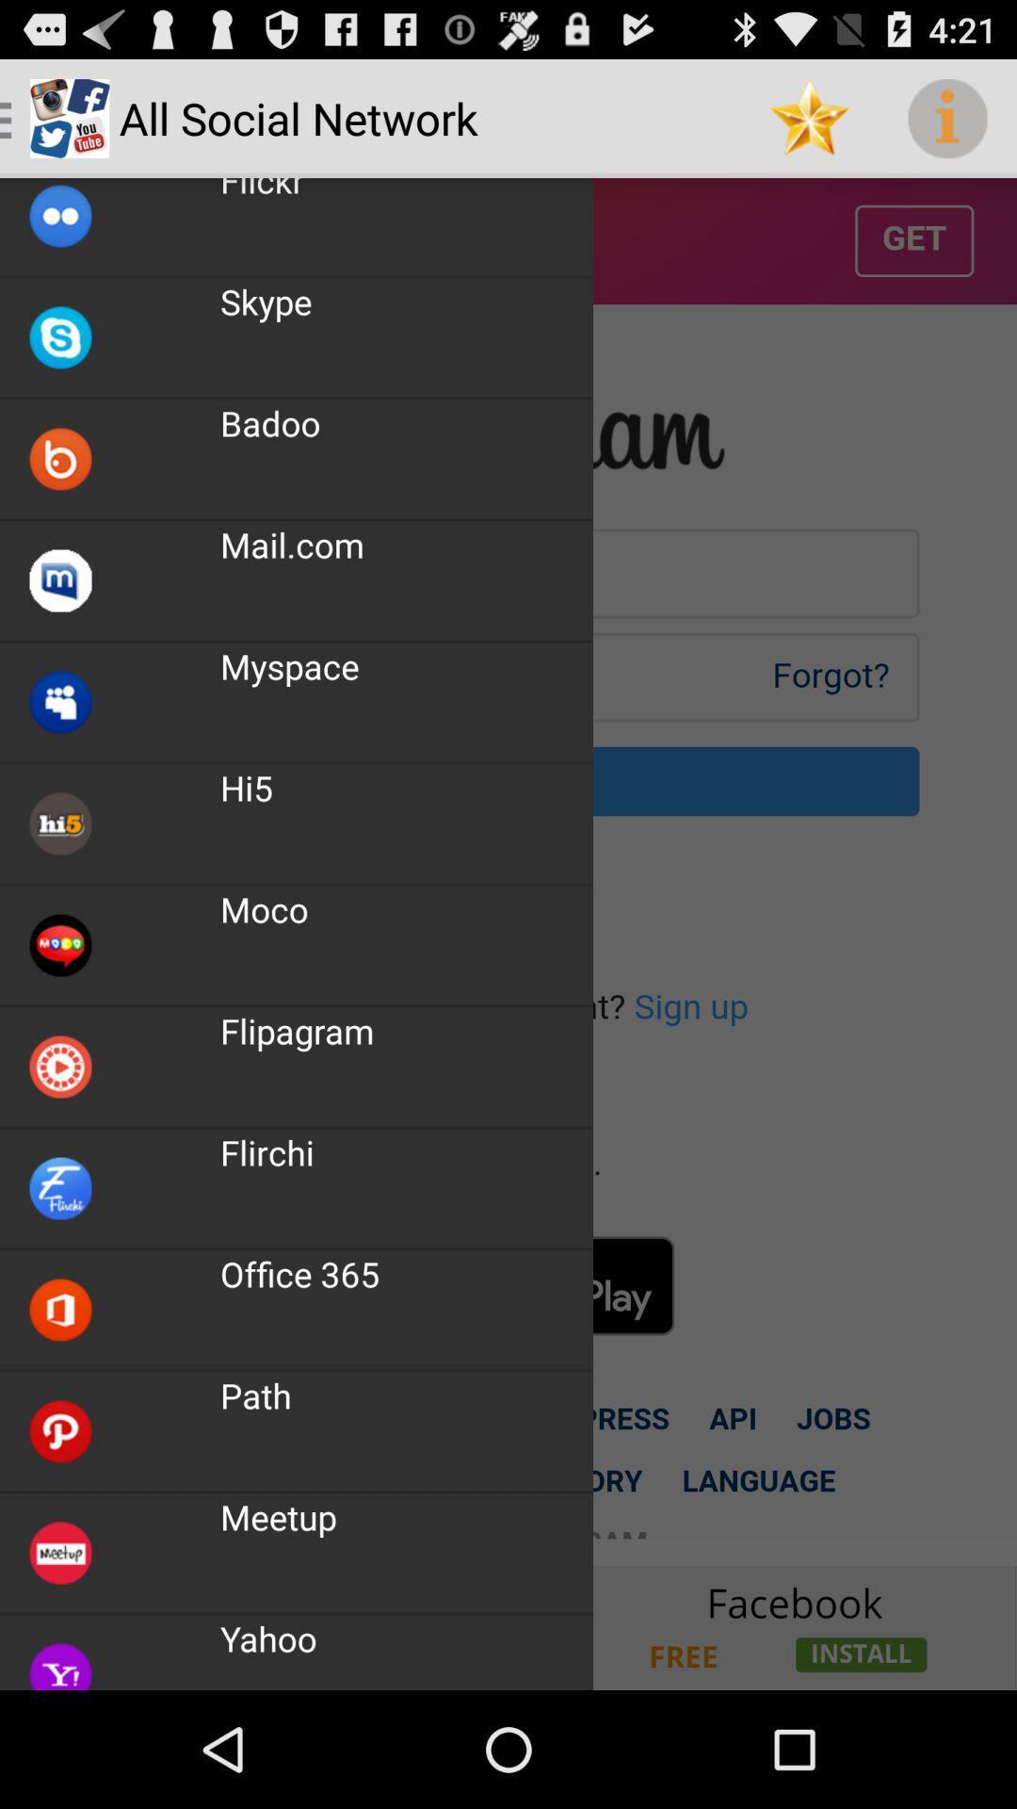  What do you see at coordinates (266, 301) in the screenshot?
I see `skype icon` at bounding box center [266, 301].